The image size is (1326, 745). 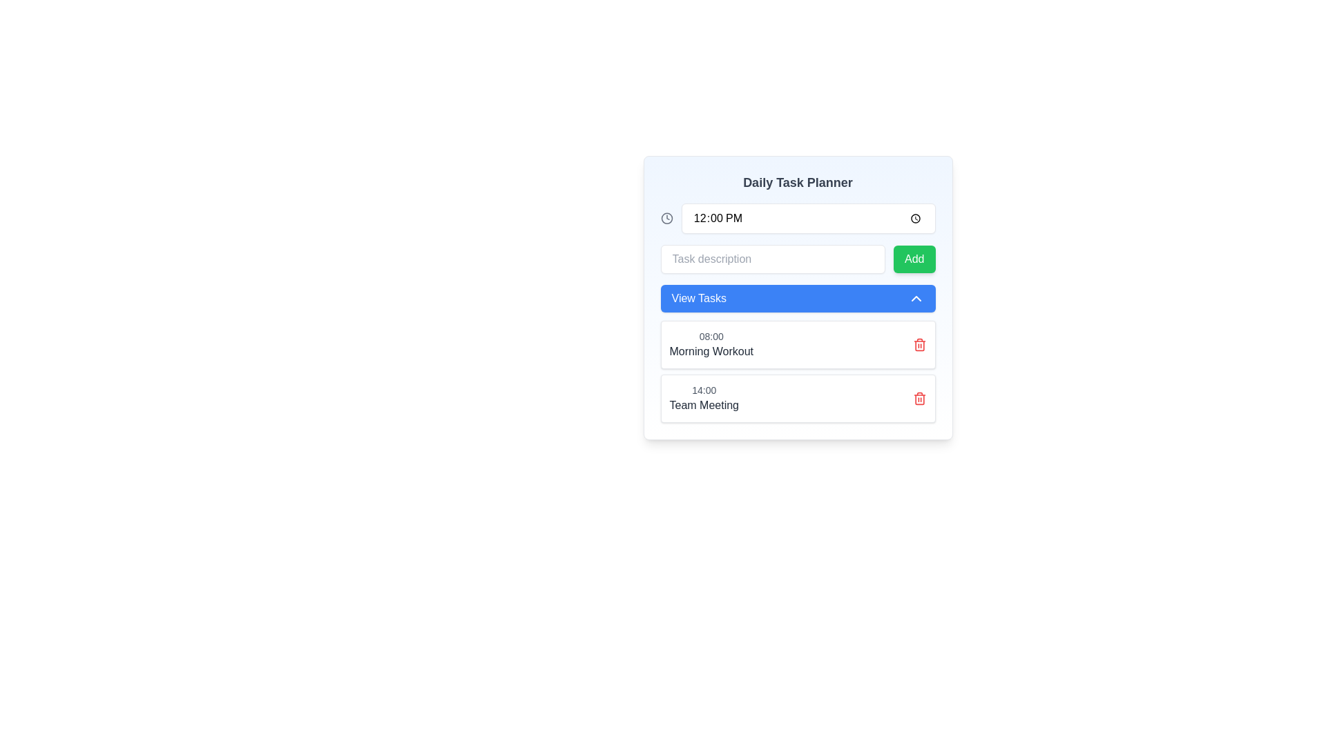 I want to click on the time-related icon located in the top bar of the task planner interface, positioned to the right of the '12:00 PM' time input field, so click(x=666, y=217).